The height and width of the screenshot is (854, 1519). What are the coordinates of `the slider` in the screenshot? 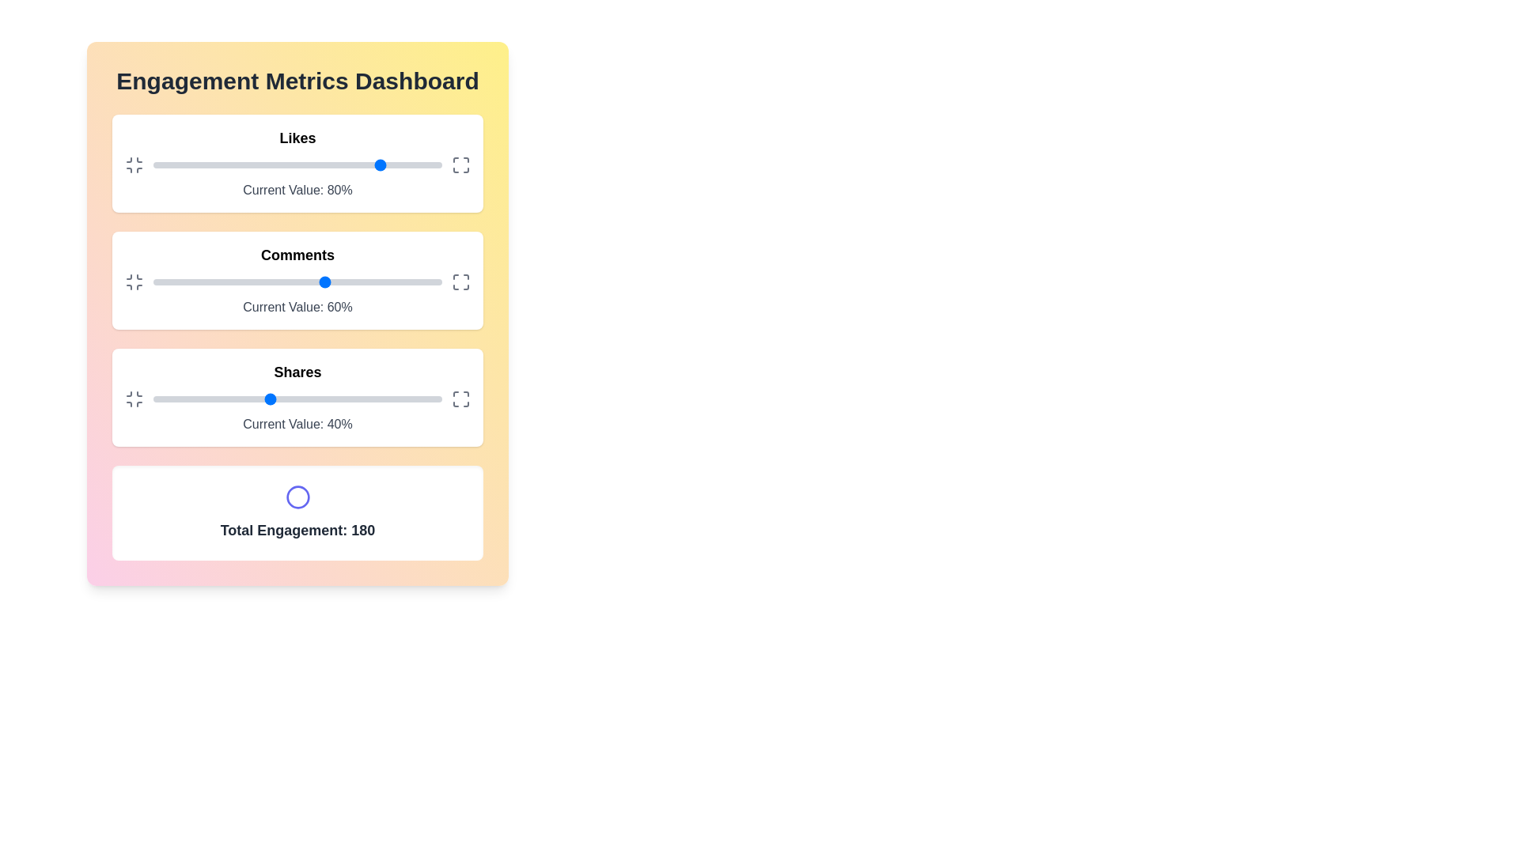 It's located at (320, 164).